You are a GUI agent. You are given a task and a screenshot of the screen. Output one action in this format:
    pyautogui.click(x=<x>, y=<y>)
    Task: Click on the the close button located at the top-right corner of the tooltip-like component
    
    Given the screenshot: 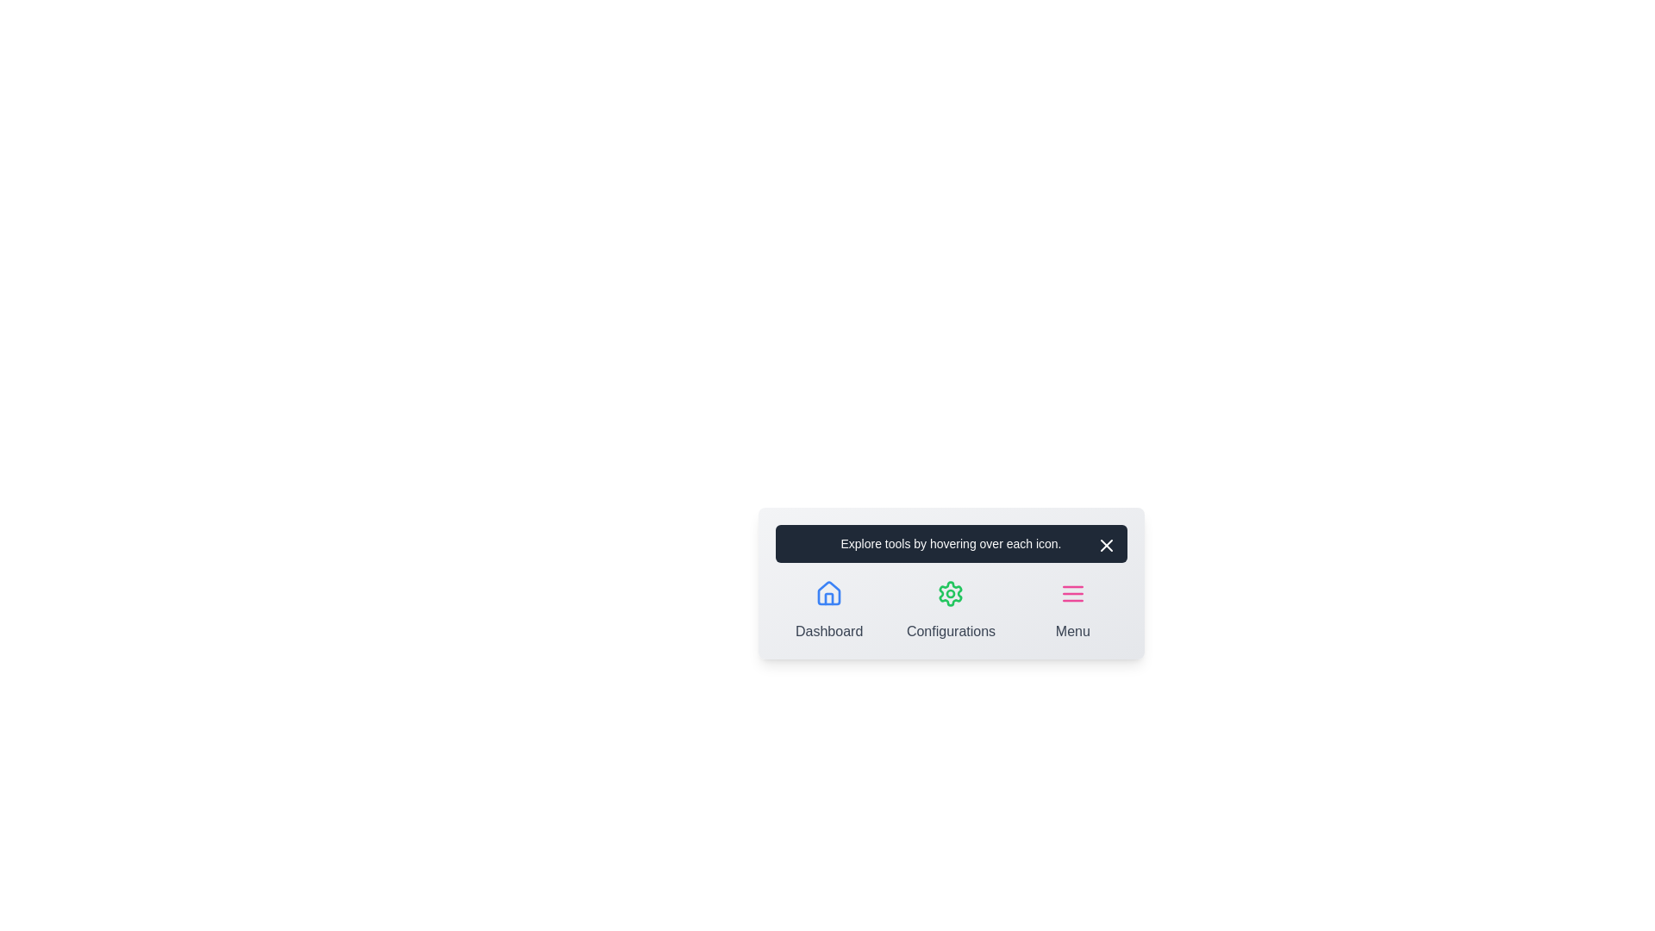 What is the action you would take?
    pyautogui.click(x=1106, y=545)
    